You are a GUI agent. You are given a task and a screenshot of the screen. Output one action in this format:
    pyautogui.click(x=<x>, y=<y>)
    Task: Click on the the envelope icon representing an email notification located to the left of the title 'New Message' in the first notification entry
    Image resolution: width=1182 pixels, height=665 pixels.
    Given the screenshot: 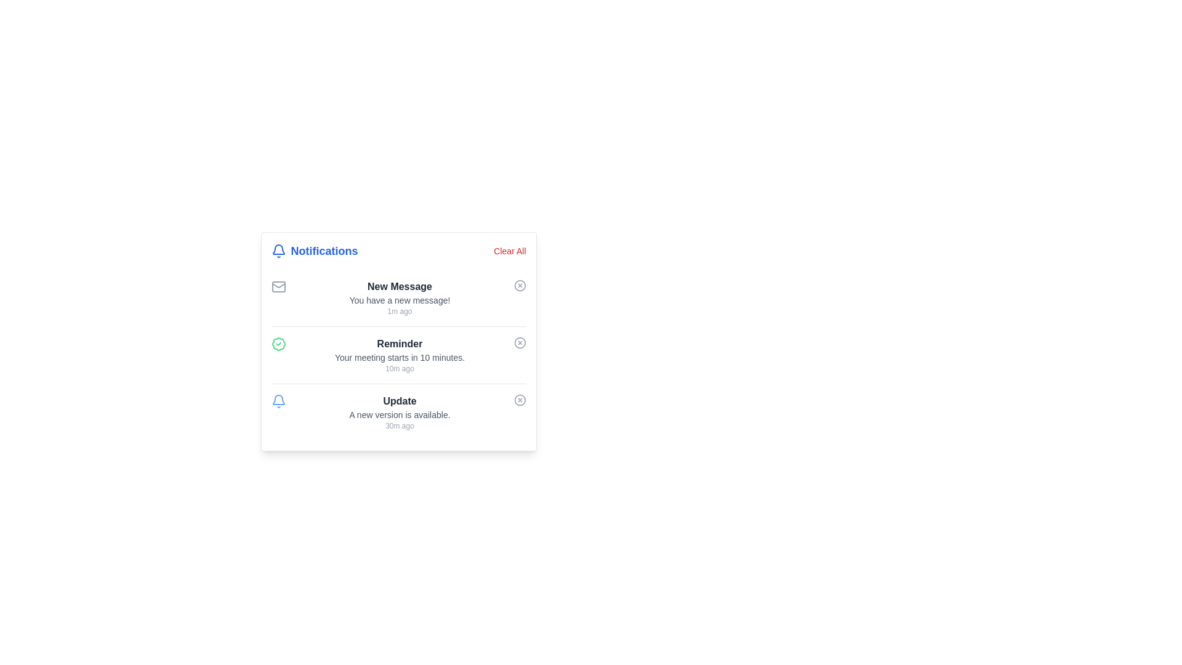 What is the action you would take?
    pyautogui.click(x=278, y=287)
    